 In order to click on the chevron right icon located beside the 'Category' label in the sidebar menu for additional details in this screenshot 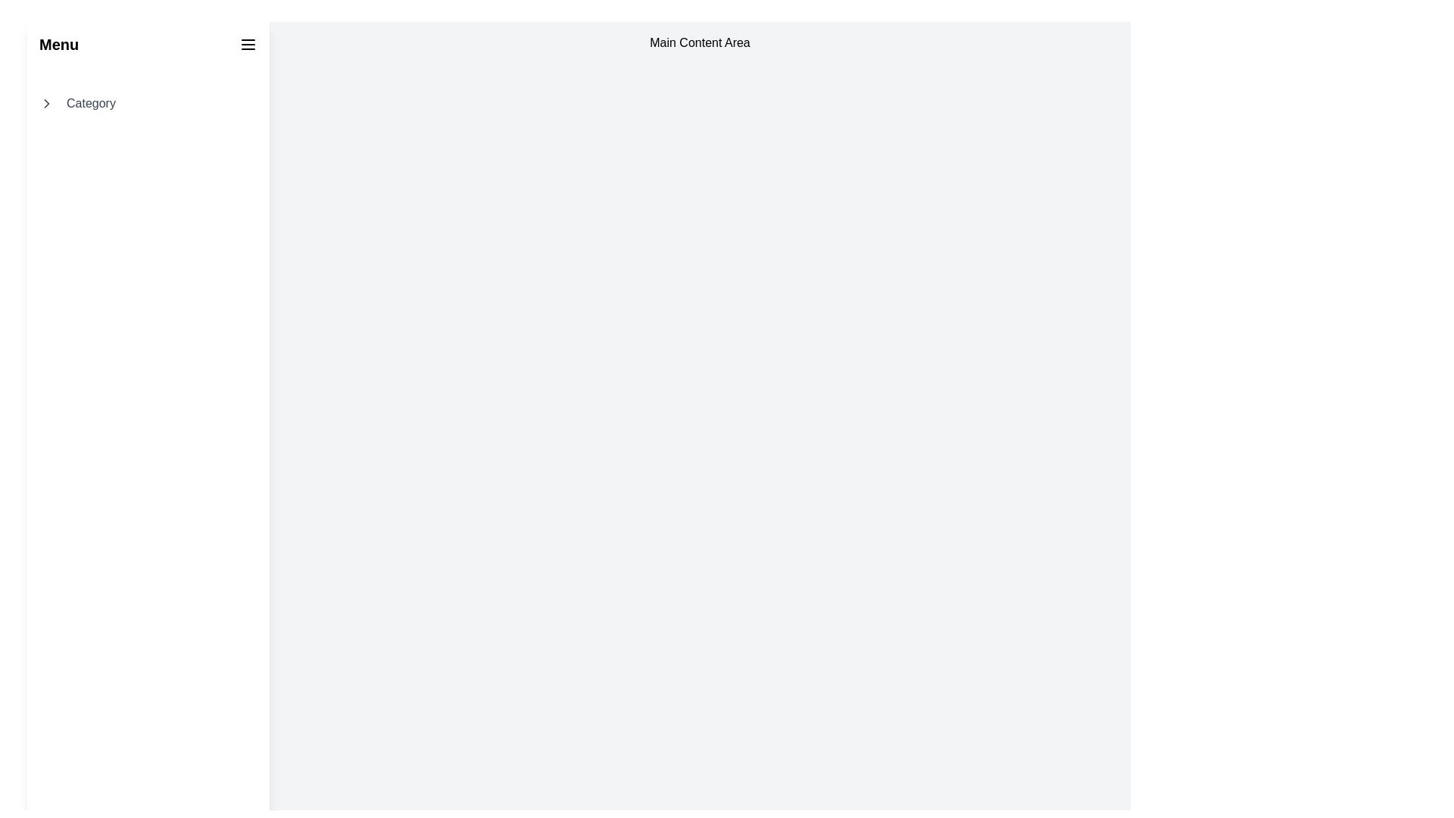, I will do `click(47, 103)`.